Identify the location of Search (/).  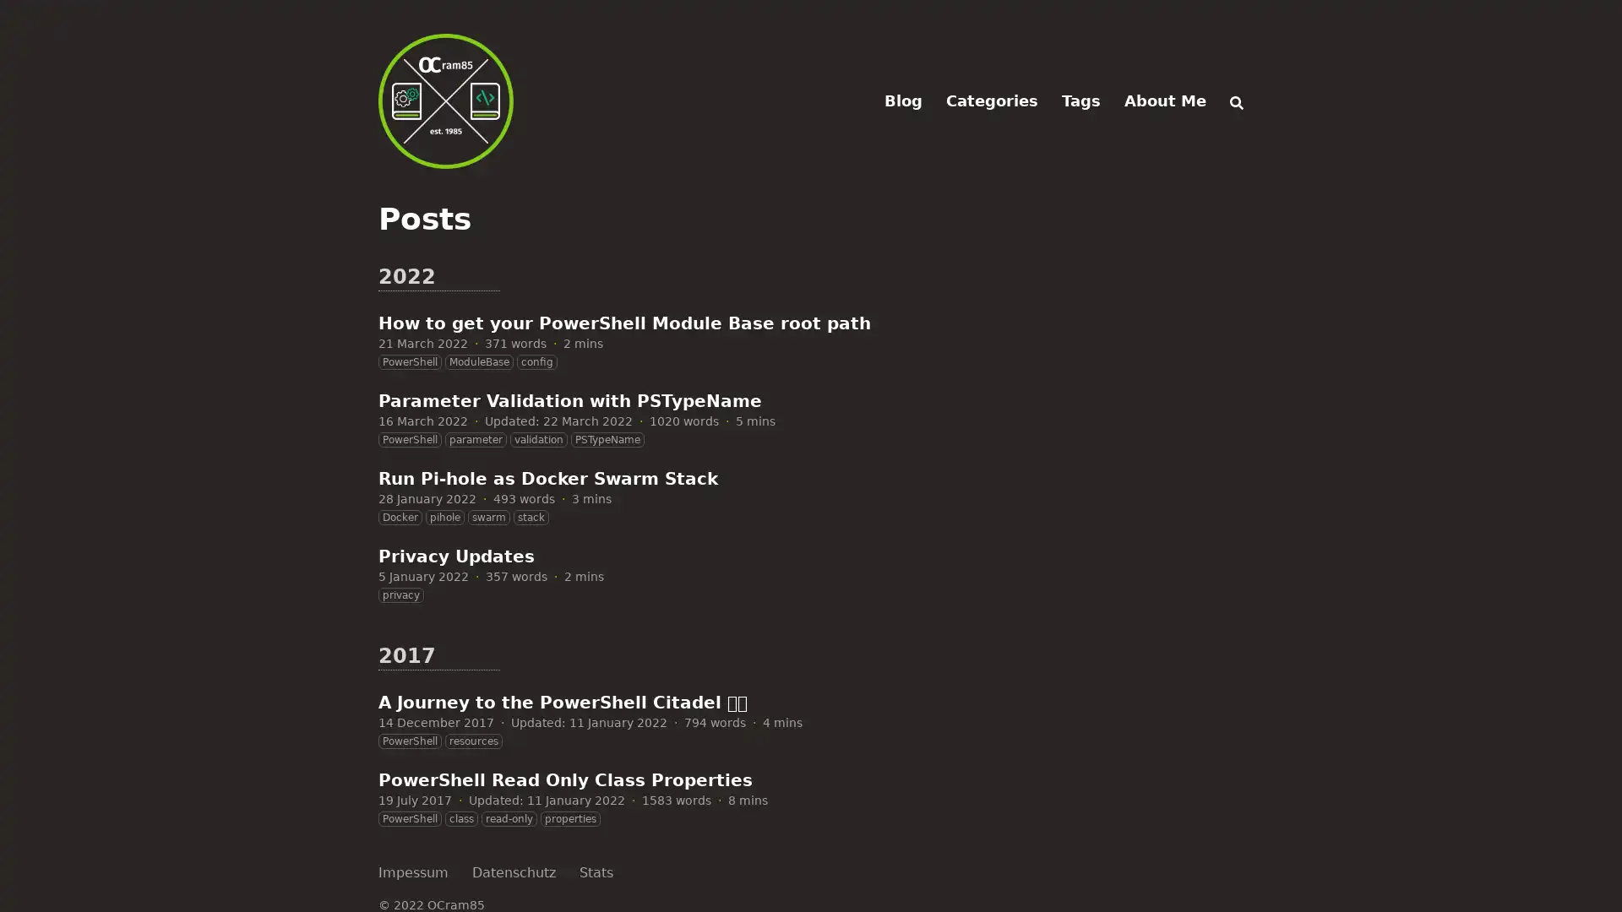
(1237, 101).